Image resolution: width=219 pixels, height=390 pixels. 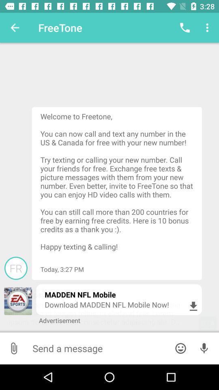 I want to click on the microphone icon, so click(x=204, y=348).